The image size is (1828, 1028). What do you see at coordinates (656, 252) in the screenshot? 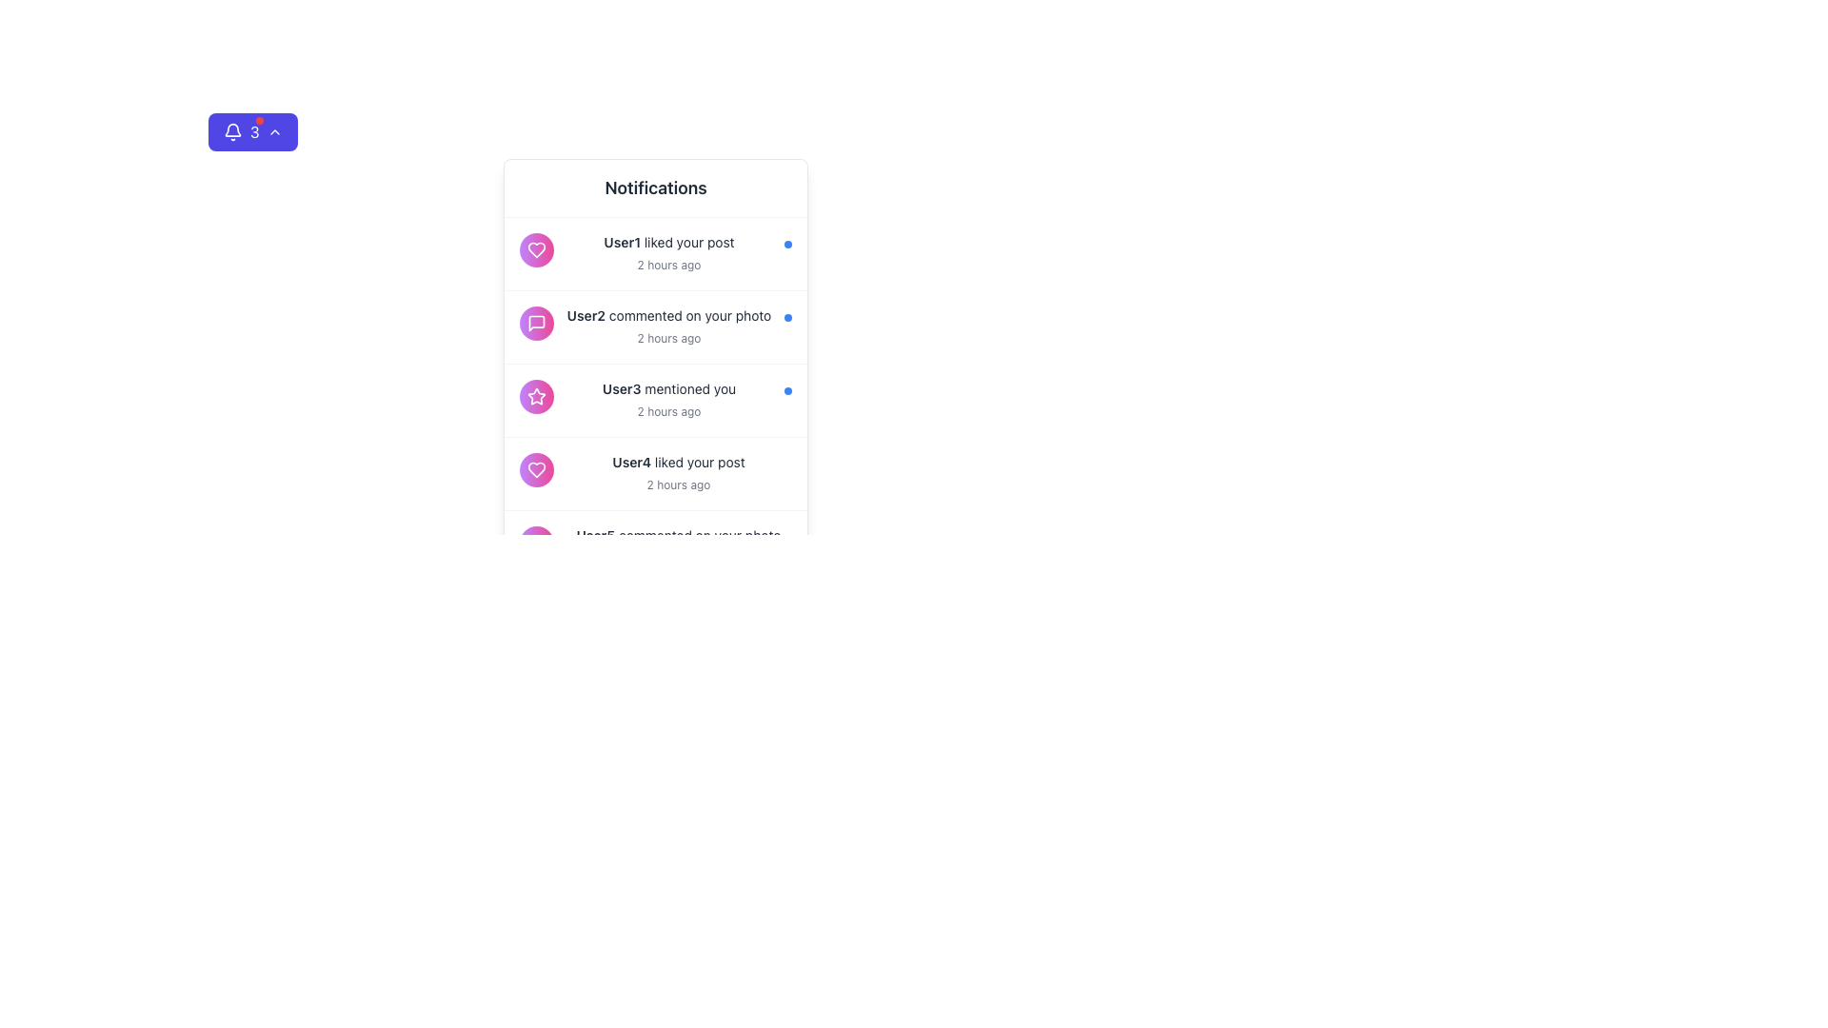
I see `the notification entry displaying 'User1 liked your post'` at bounding box center [656, 252].